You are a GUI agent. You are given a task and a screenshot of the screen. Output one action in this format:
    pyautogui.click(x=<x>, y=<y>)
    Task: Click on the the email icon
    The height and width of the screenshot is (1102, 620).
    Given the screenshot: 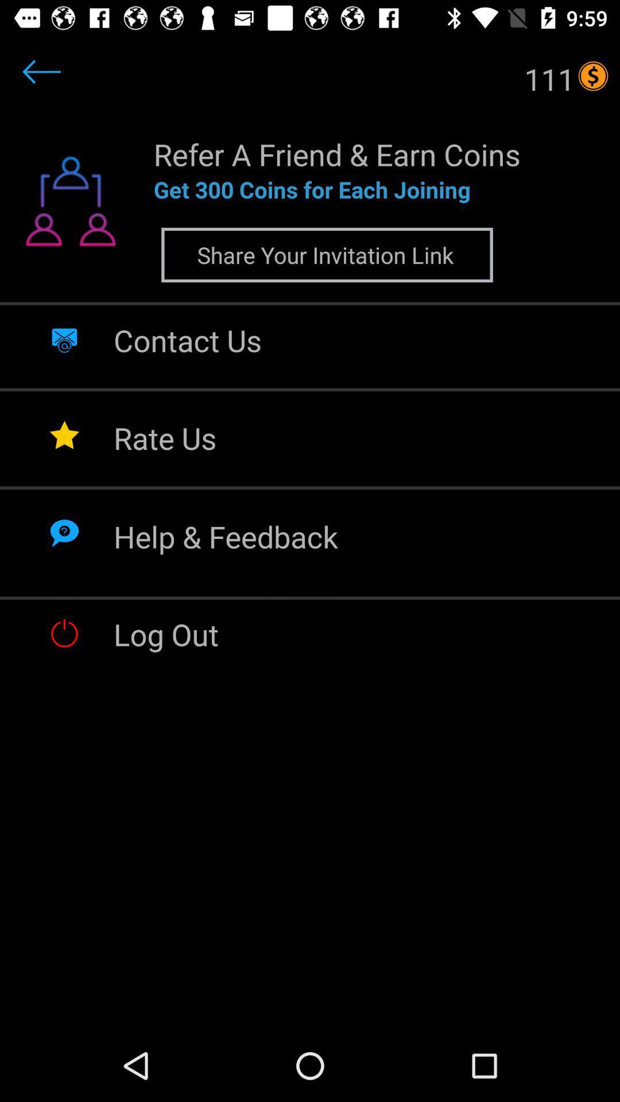 What is the action you would take?
    pyautogui.click(x=64, y=338)
    